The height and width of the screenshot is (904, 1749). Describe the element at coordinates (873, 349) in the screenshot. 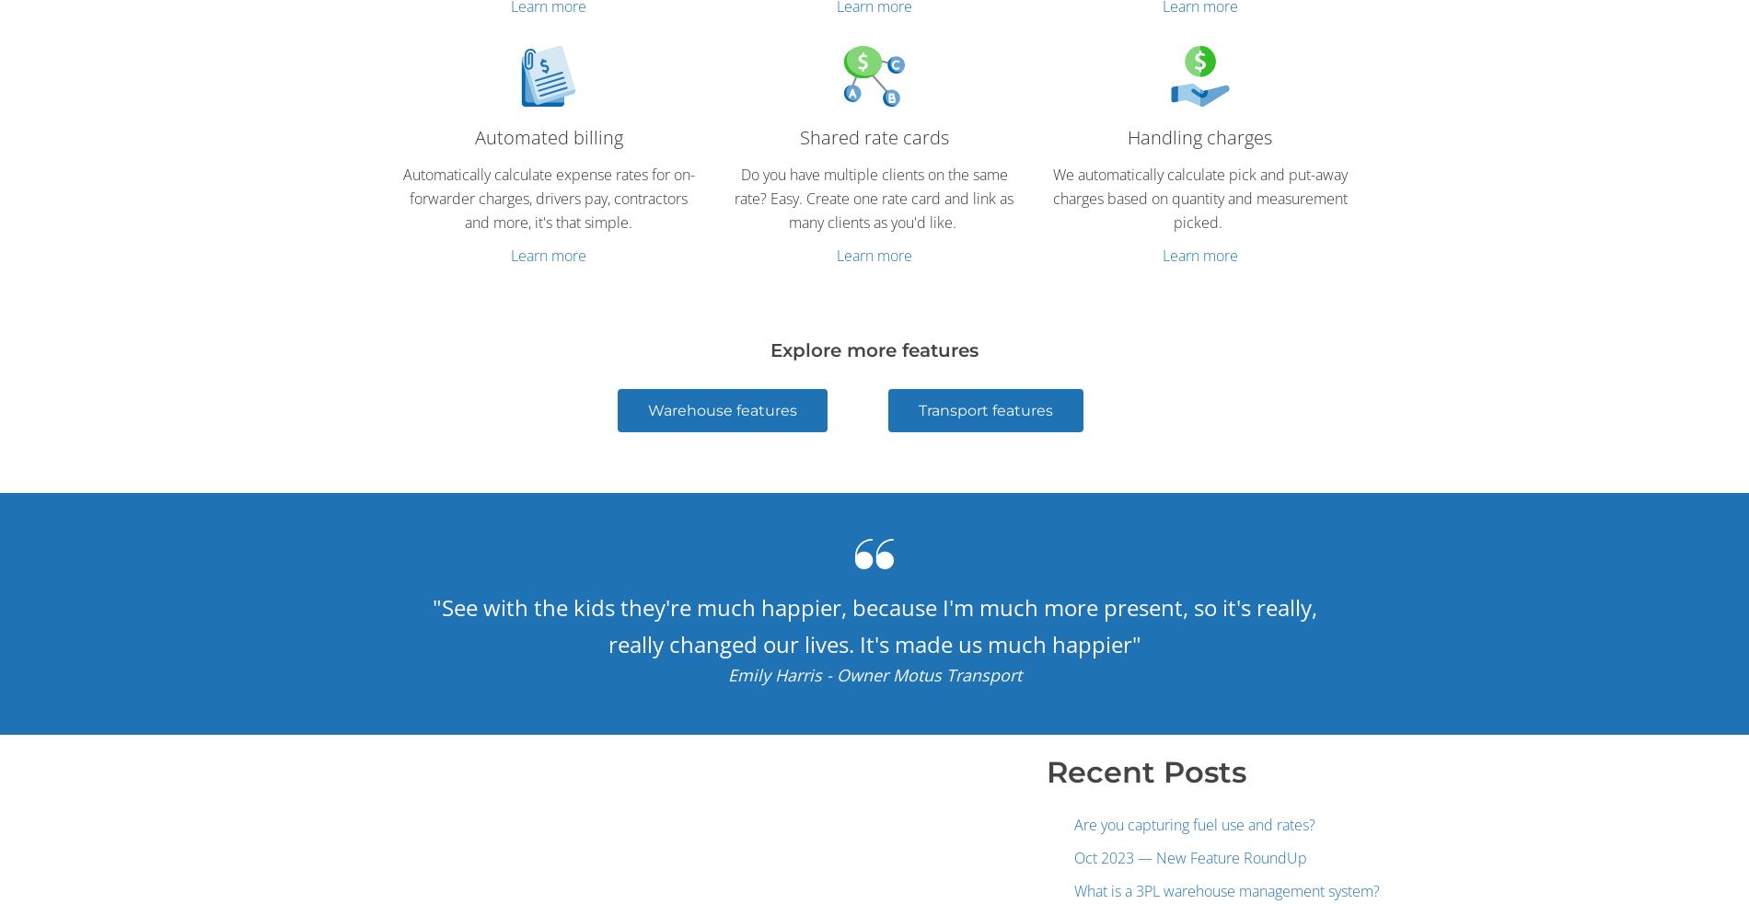

I see `'Explore more features'` at that location.